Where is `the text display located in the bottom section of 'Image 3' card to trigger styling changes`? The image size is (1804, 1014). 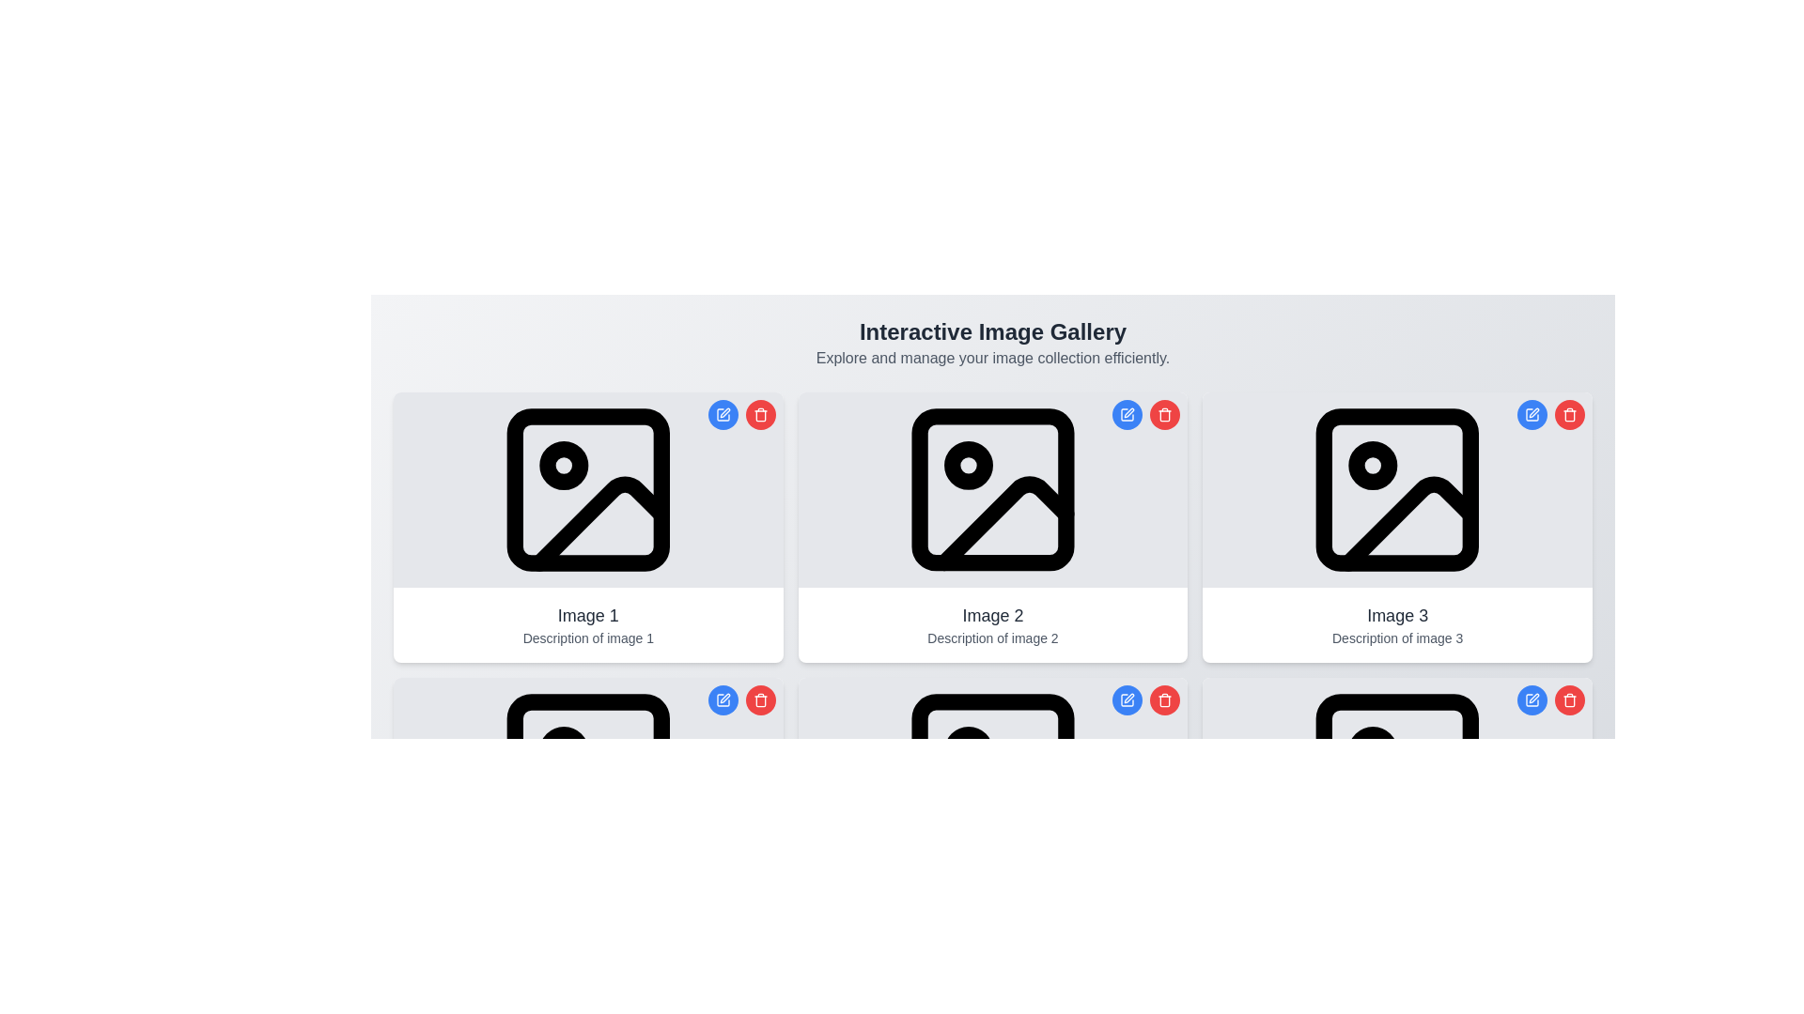
the text display located in the bottom section of 'Image 3' card to trigger styling changes is located at coordinates (1397, 625).